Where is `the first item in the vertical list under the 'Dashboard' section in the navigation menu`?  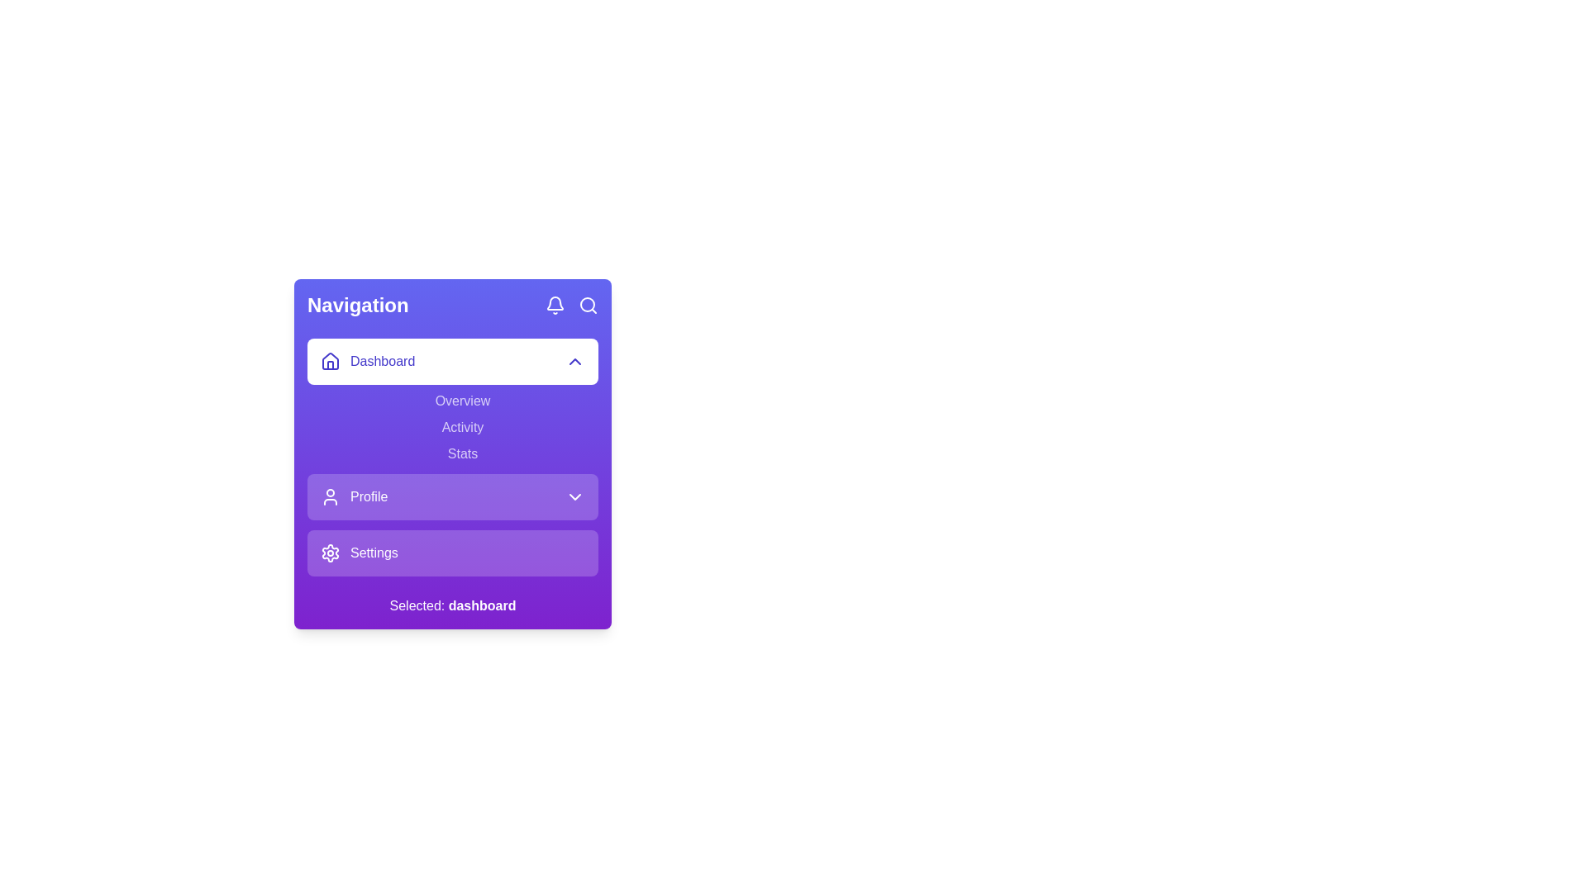
the first item in the vertical list under the 'Dashboard' section in the navigation menu is located at coordinates (463, 401).